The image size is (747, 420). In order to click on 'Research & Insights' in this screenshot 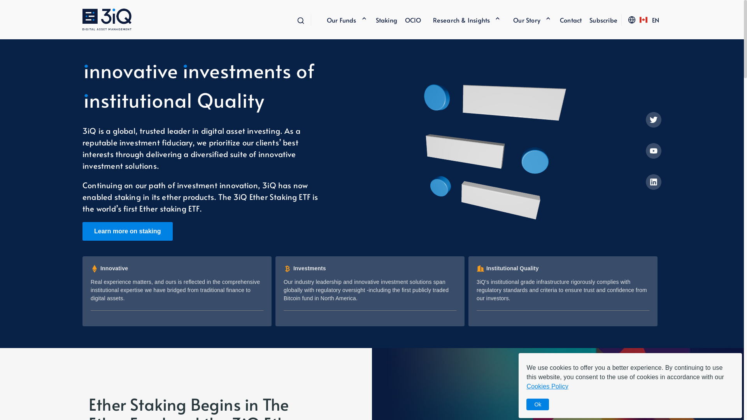, I will do `click(461, 19)`.